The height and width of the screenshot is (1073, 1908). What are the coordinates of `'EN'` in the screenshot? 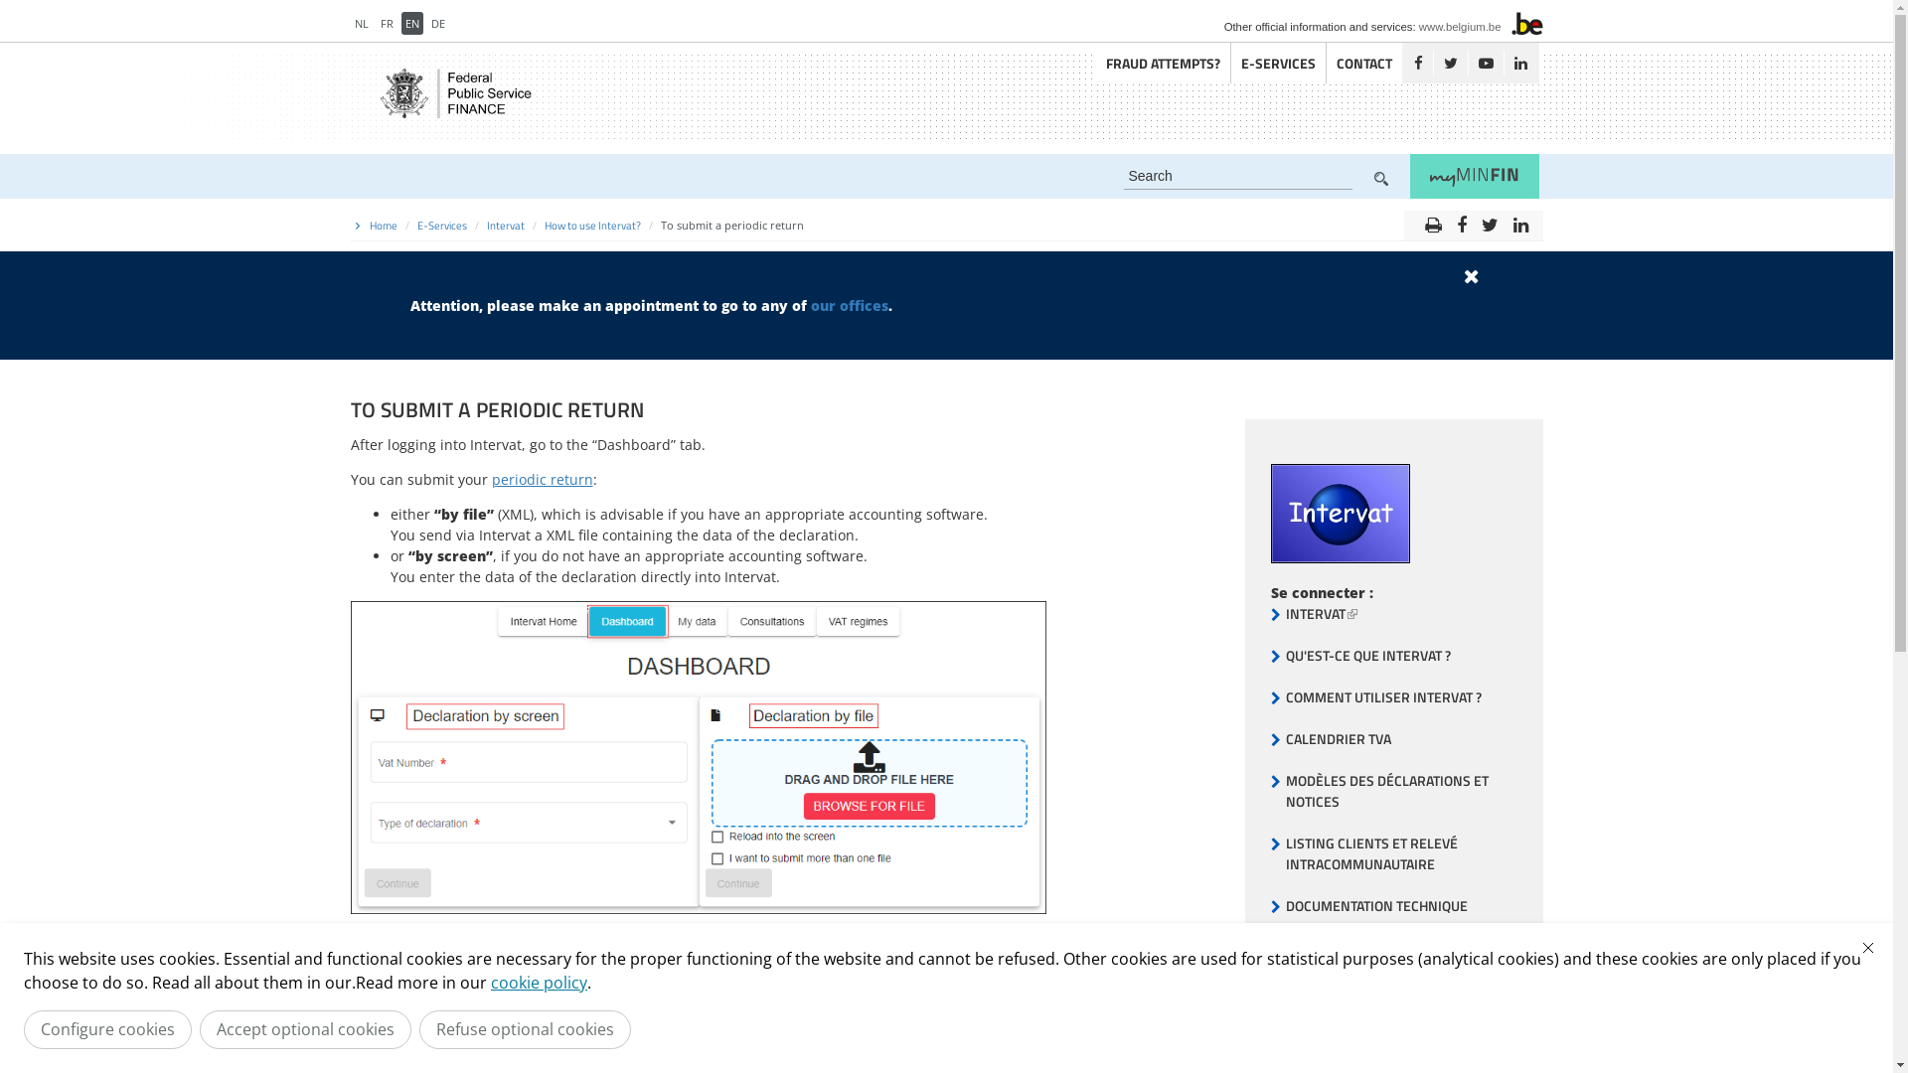 It's located at (410, 23).